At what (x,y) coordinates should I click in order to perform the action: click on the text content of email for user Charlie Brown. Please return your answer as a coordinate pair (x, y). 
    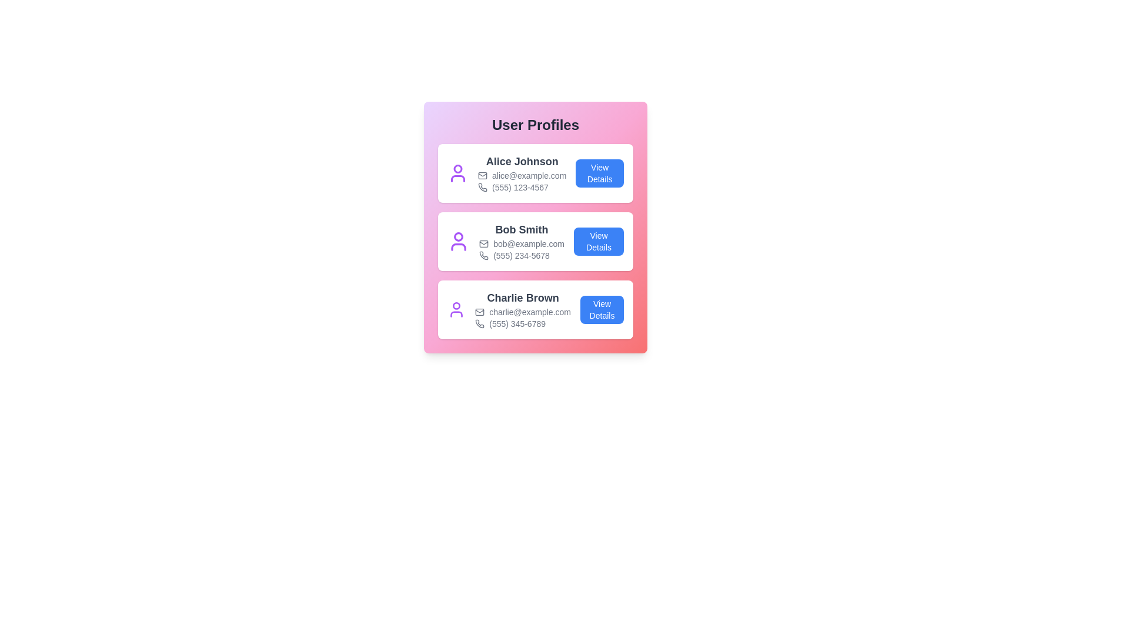
    Looking at the image, I should click on (522, 312).